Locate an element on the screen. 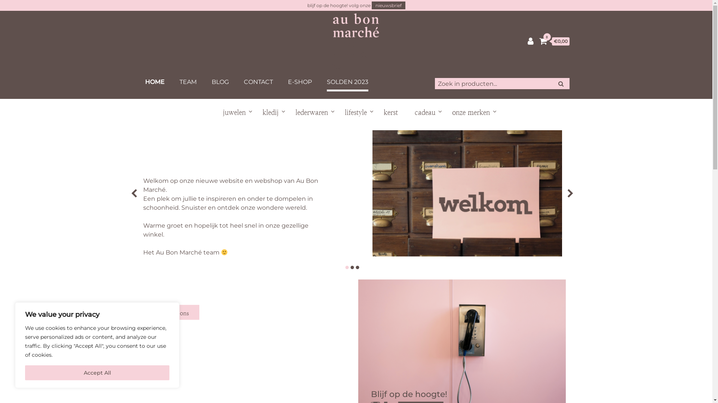 Image resolution: width=718 pixels, height=403 pixels. 'lifestyle' is located at coordinates (355, 112).